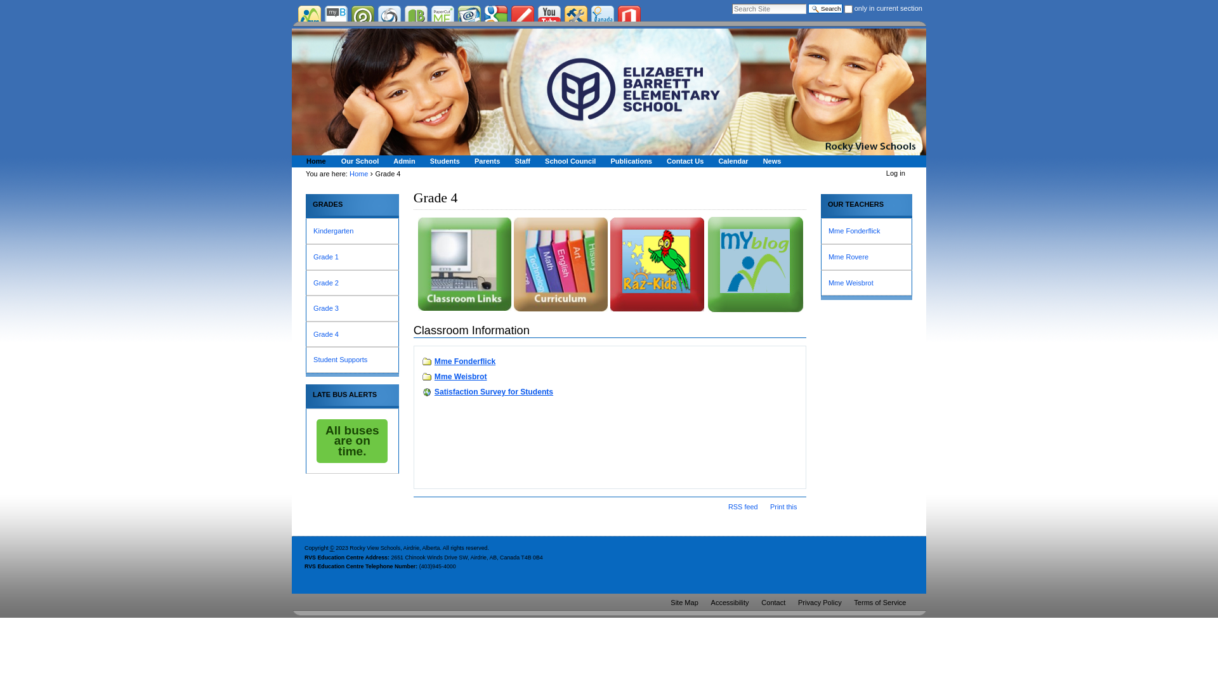 The image size is (1218, 685). I want to click on 'Parents', so click(484, 160).